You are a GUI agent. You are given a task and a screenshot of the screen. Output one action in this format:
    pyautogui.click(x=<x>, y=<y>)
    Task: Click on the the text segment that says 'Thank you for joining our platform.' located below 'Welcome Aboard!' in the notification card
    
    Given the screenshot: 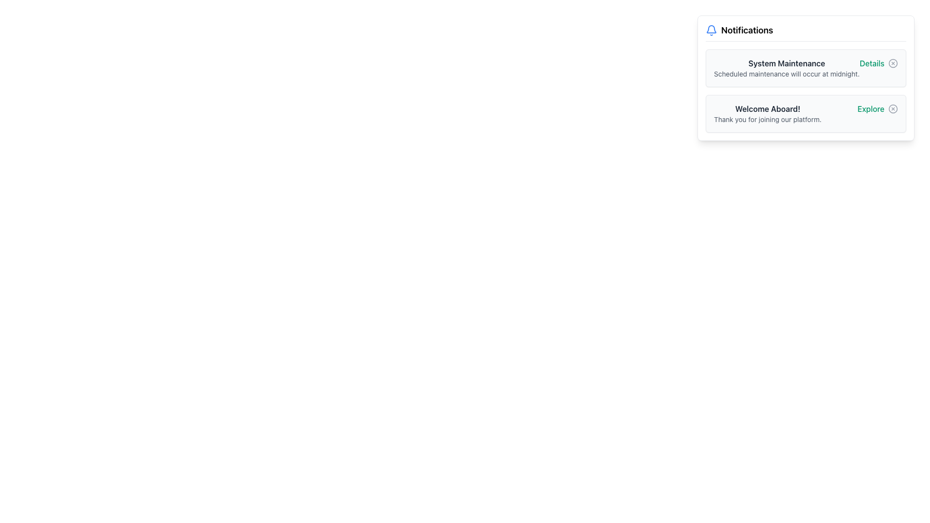 What is the action you would take?
    pyautogui.click(x=767, y=119)
    